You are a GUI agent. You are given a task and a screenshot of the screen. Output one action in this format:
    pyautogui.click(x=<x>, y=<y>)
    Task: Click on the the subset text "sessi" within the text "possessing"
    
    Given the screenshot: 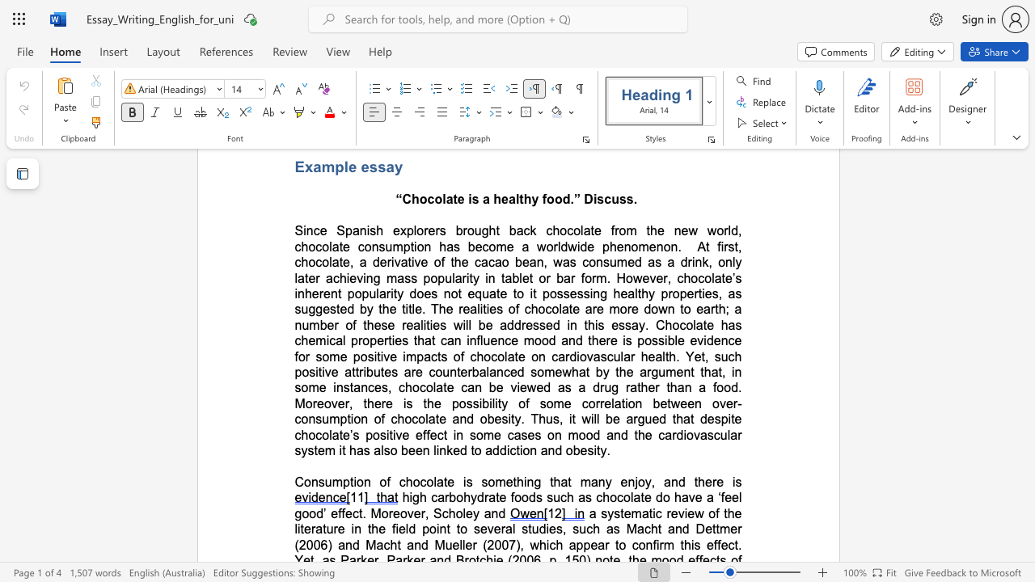 What is the action you would take?
    pyautogui.click(x=563, y=293)
    